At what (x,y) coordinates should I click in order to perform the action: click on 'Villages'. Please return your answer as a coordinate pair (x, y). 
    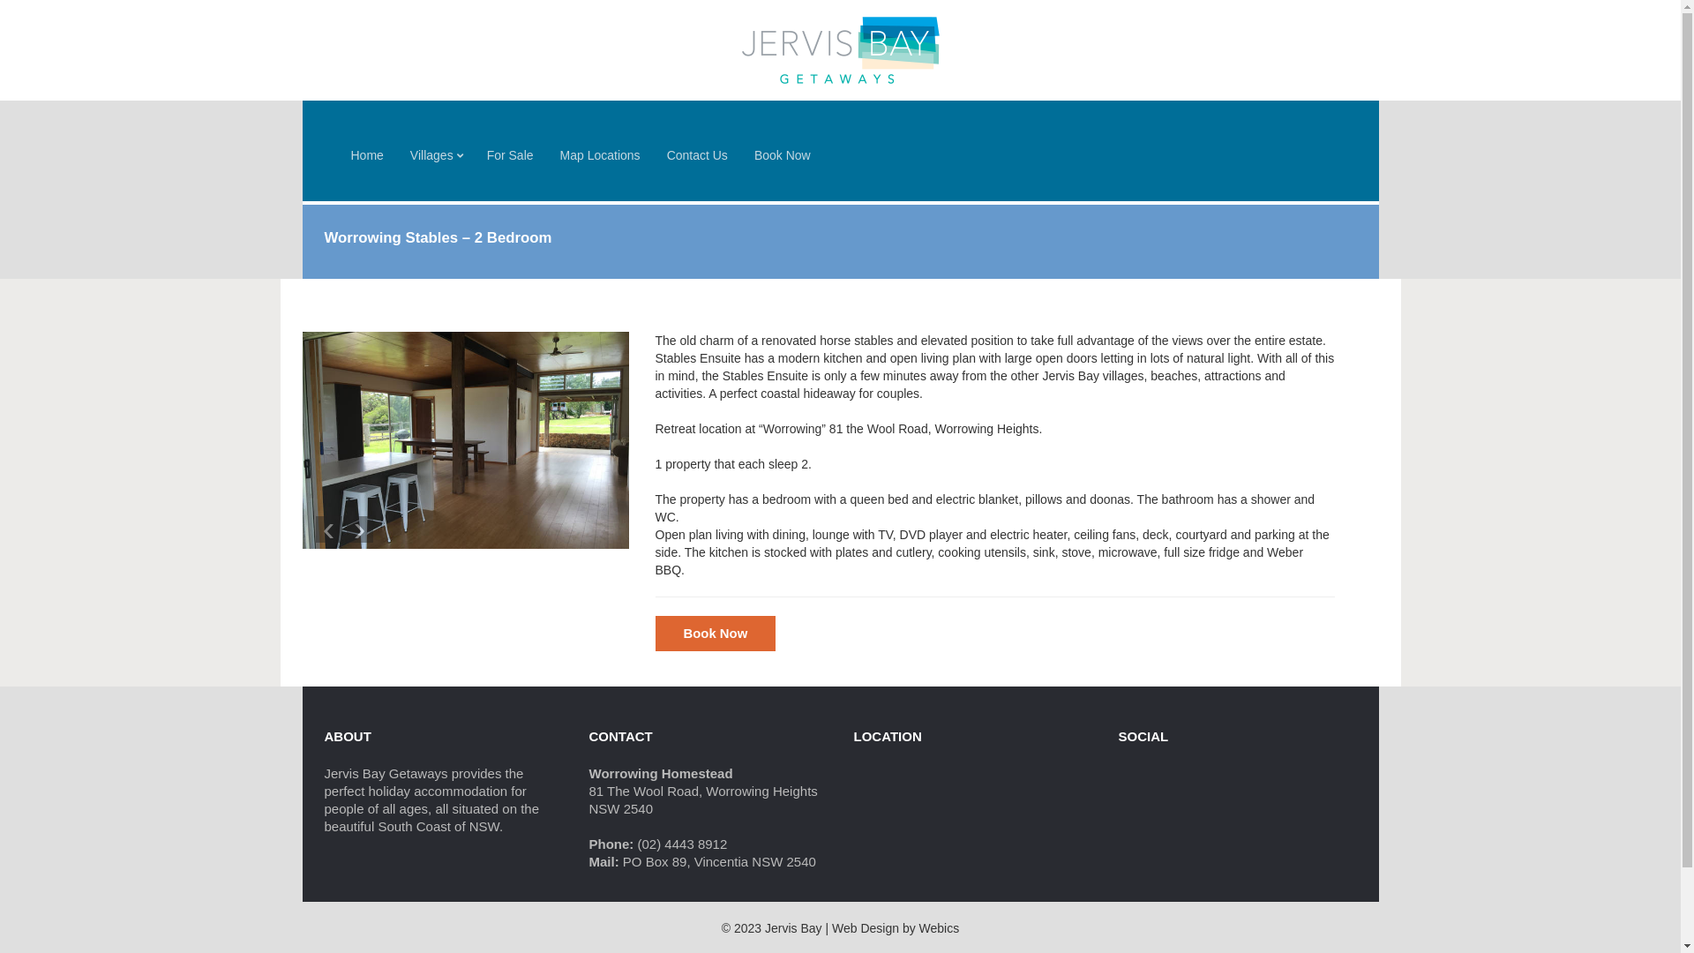
    Looking at the image, I should click on (435, 154).